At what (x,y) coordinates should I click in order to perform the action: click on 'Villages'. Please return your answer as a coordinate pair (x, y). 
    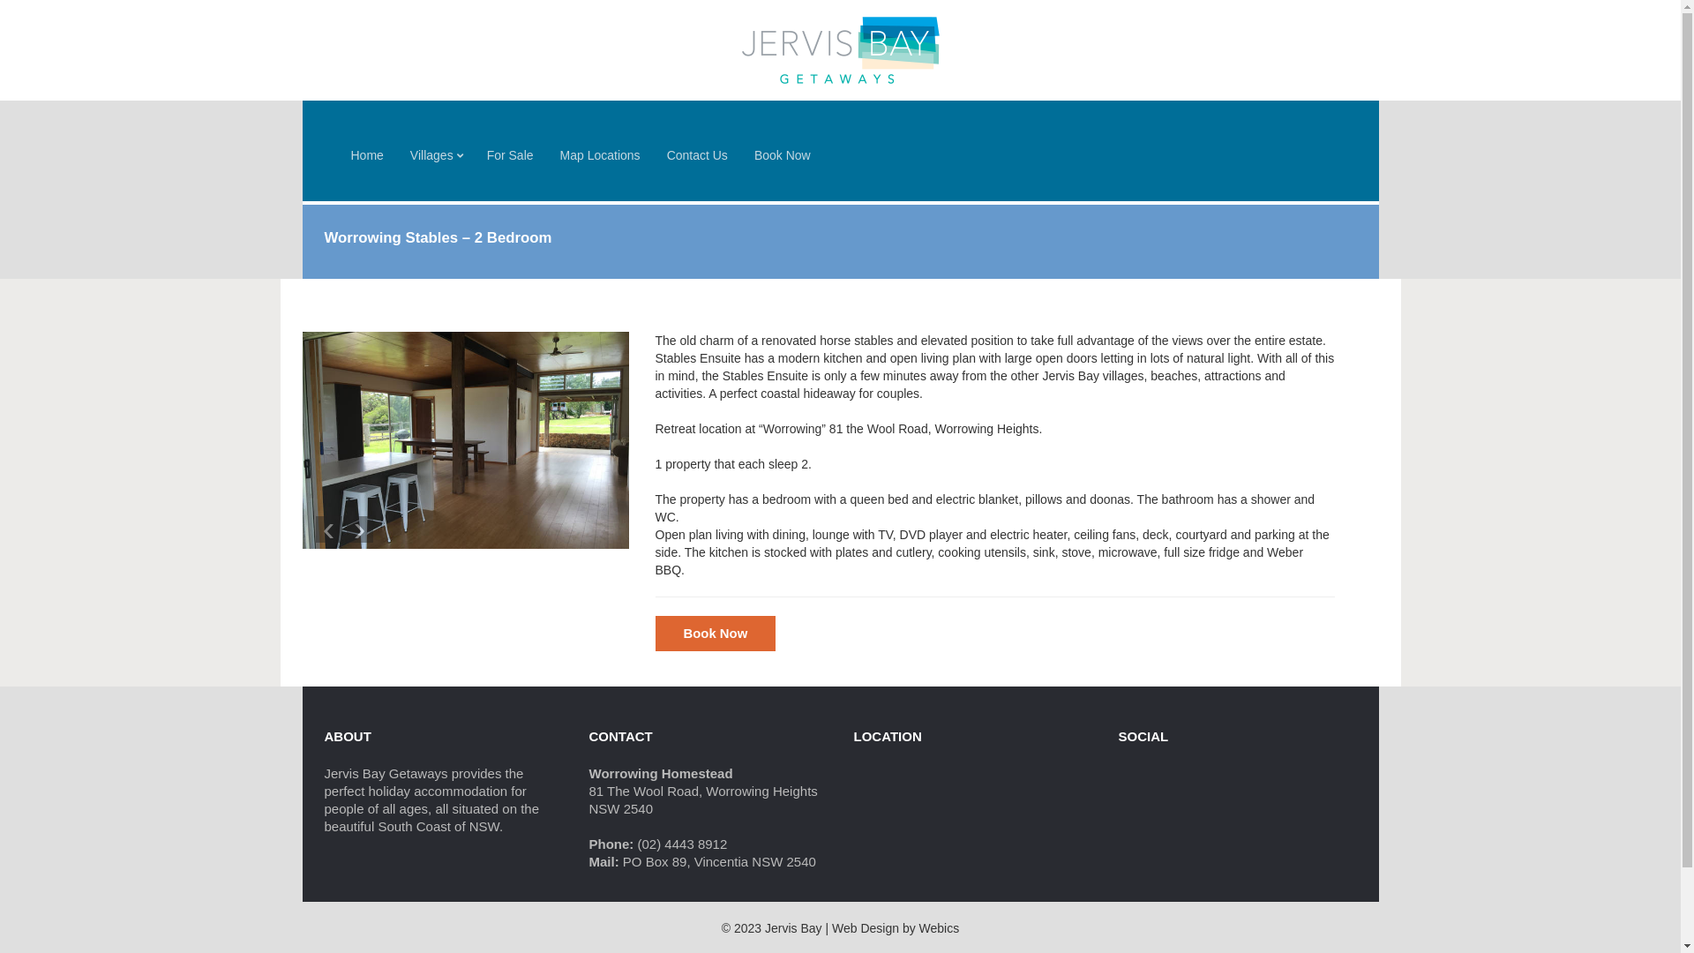
    Looking at the image, I should click on (435, 154).